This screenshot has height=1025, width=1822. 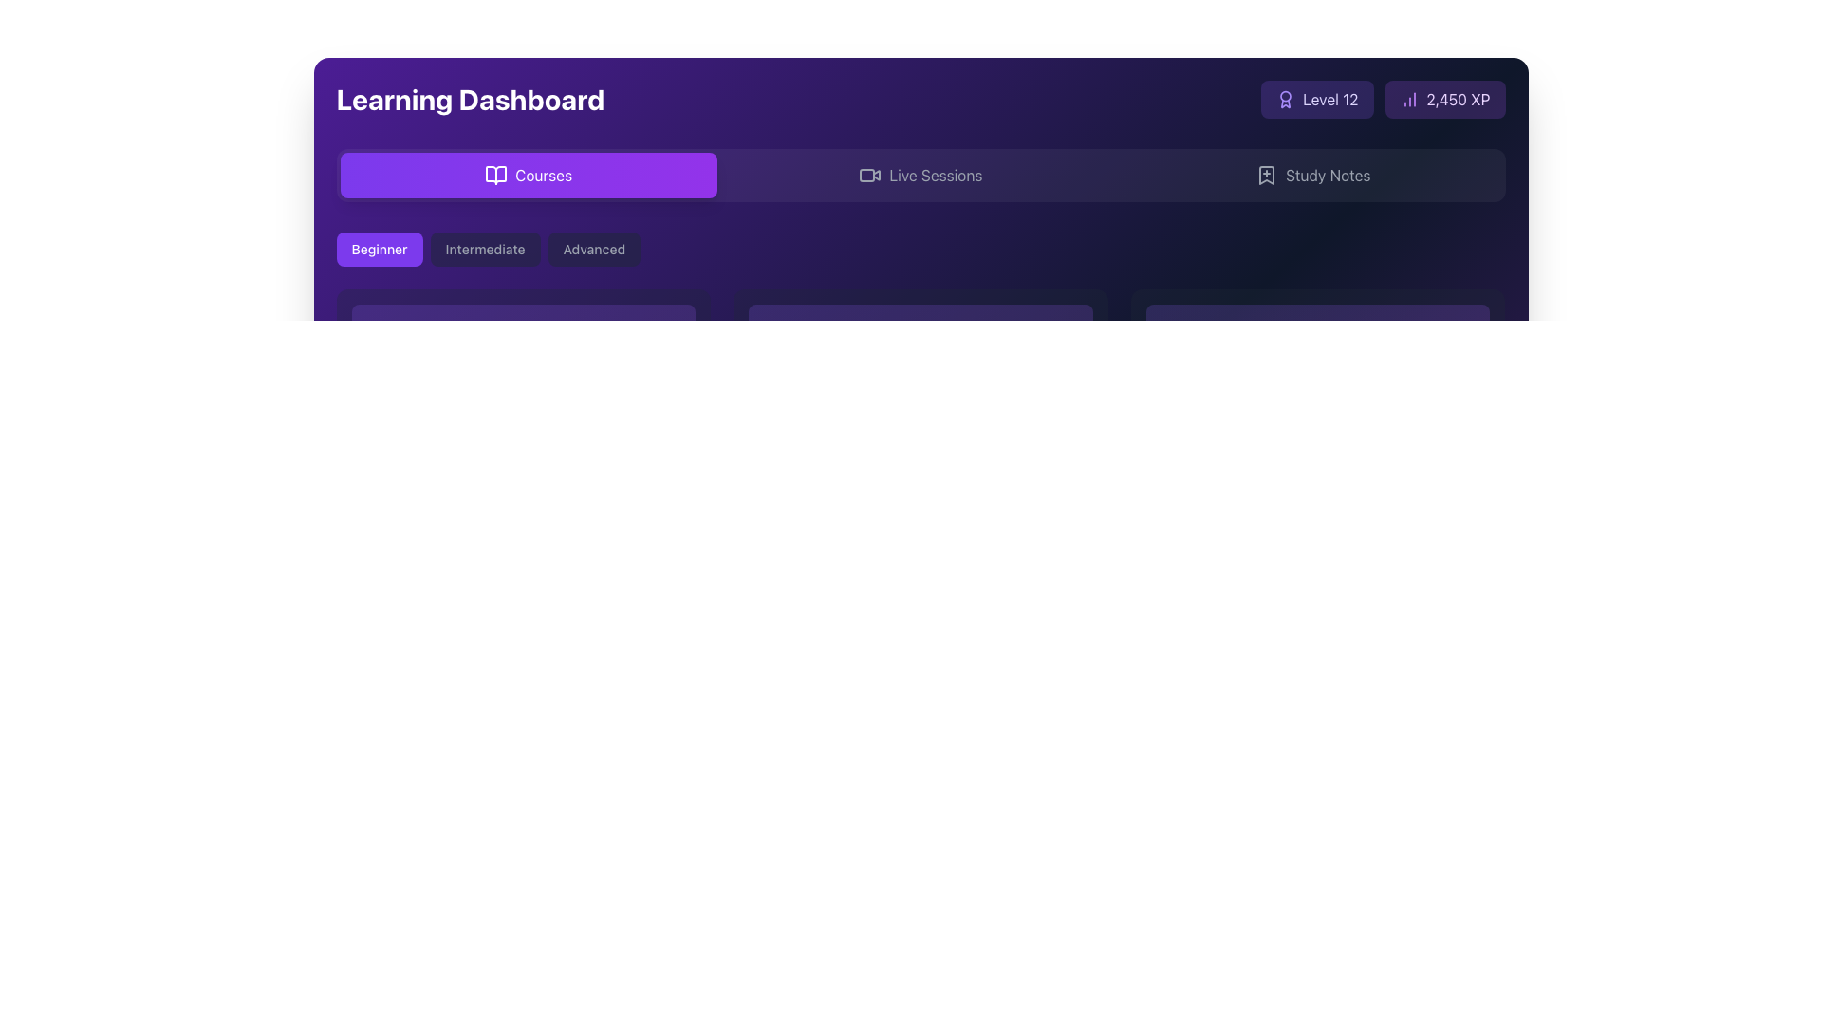 I want to click on the heading element that indicates the 'Learning Dashboard' page, located at the top-left region of the interface, so click(x=470, y=99).